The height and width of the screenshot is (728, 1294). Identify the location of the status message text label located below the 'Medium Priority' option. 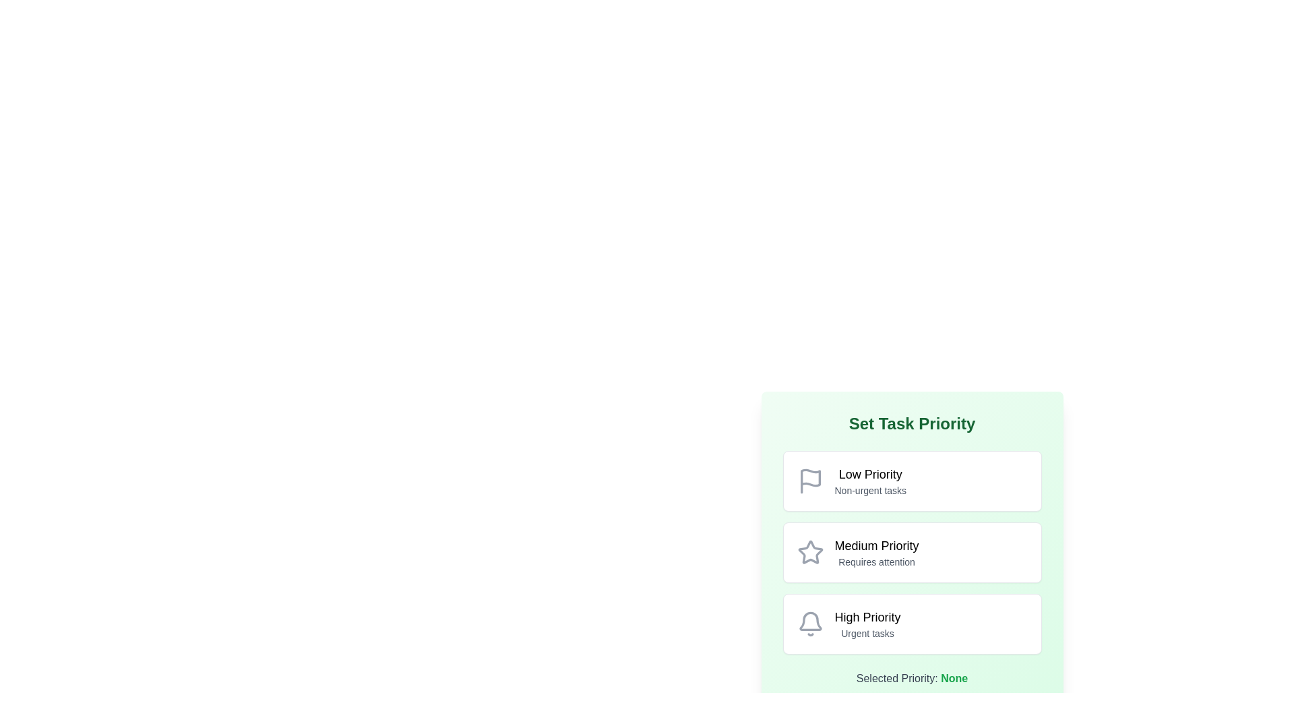
(876, 562).